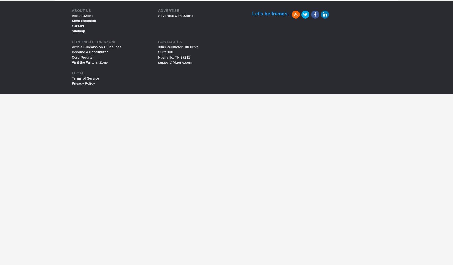 The height and width of the screenshot is (265, 453). What do you see at coordinates (270, 14) in the screenshot?
I see `'Let's be friends:'` at bounding box center [270, 14].